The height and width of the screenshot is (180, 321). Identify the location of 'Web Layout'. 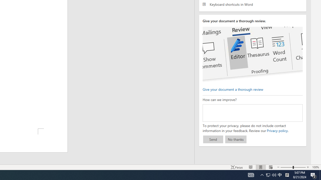
(270, 167).